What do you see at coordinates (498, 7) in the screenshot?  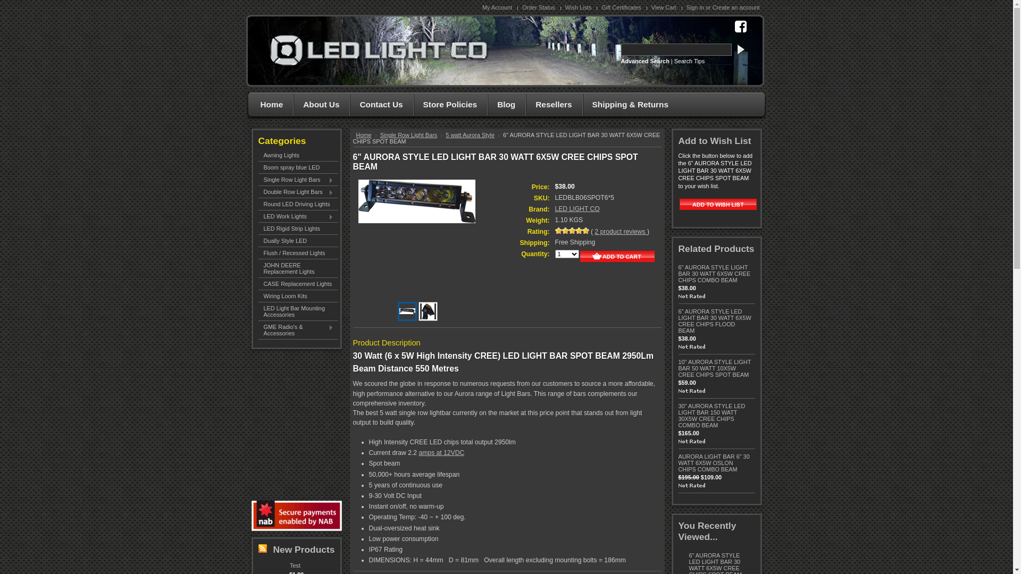 I see `'My Account'` at bounding box center [498, 7].